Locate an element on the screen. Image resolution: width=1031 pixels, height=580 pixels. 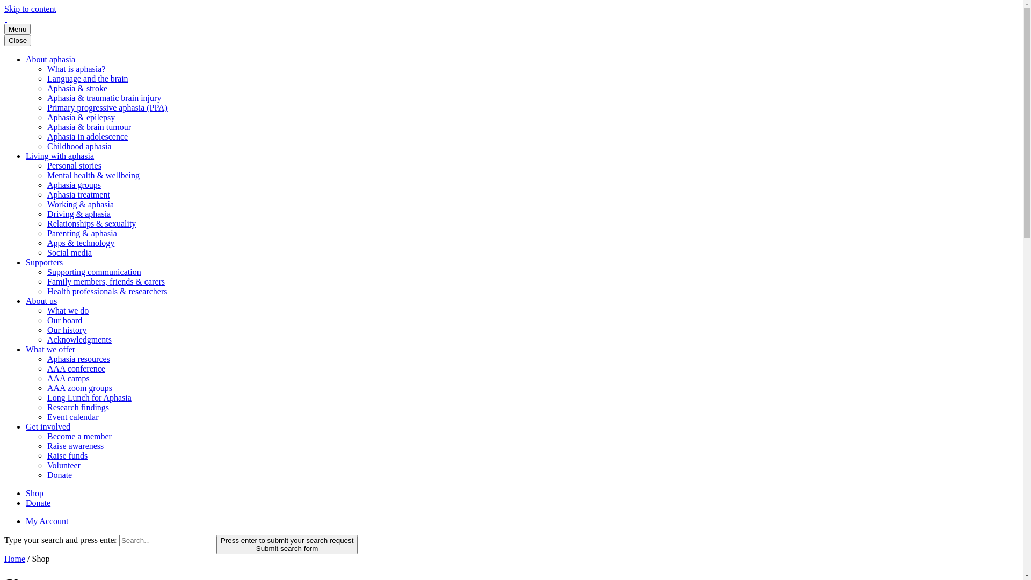
'My Account' is located at coordinates (46, 520).